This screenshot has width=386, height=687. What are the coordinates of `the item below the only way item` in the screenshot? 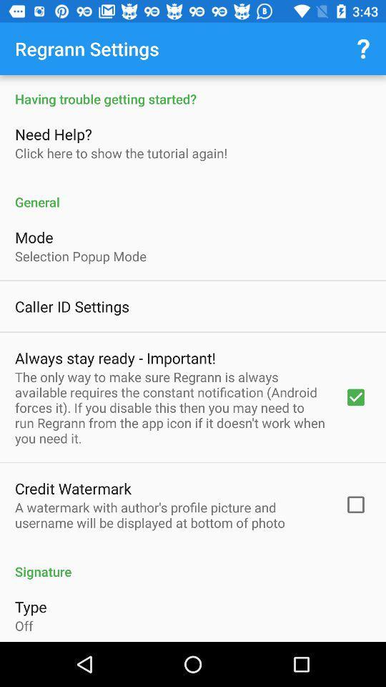 It's located at (73, 488).